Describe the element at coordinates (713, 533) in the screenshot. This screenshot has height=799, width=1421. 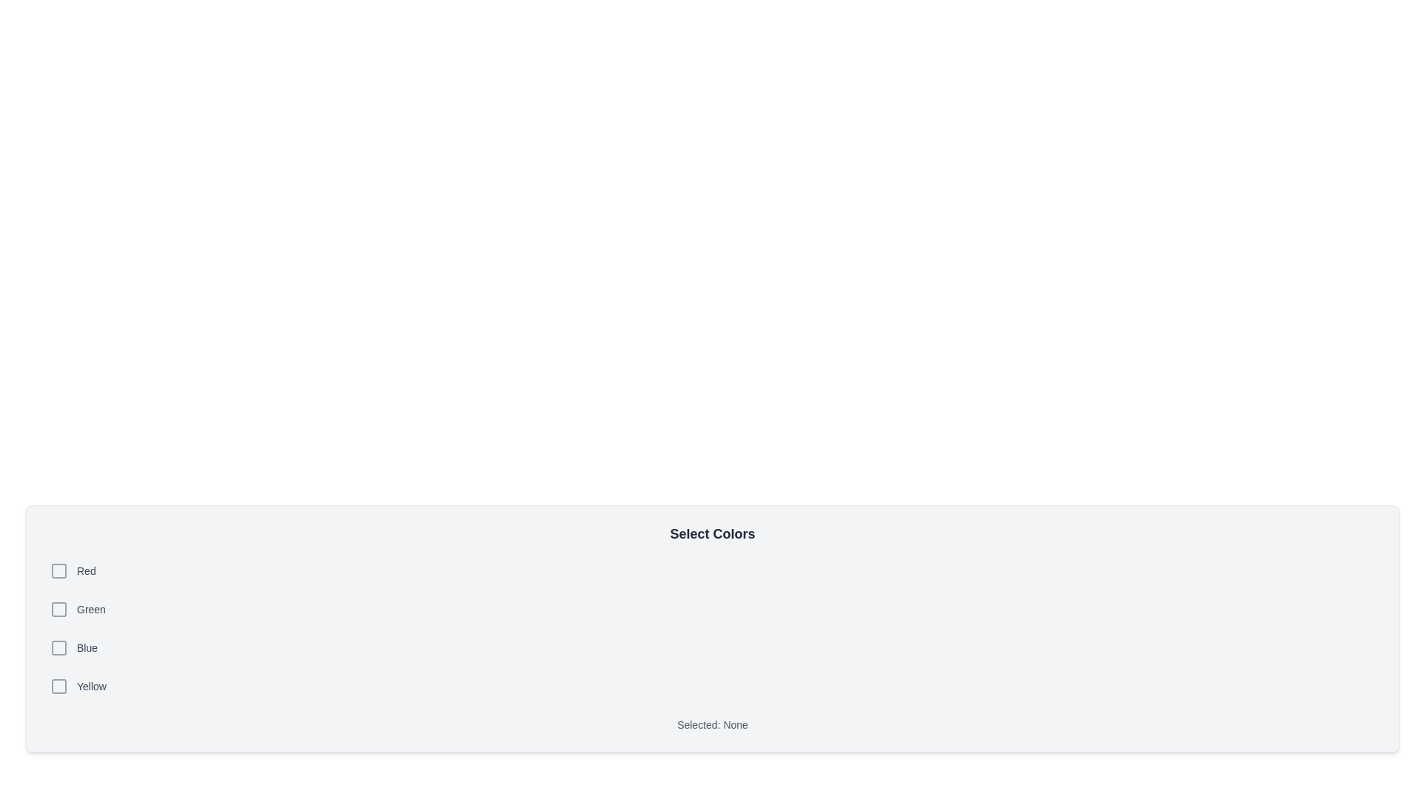
I see `the bold text header labeled 'Select Colors', which is centered at the top of the options section for selecting colors` at that location.